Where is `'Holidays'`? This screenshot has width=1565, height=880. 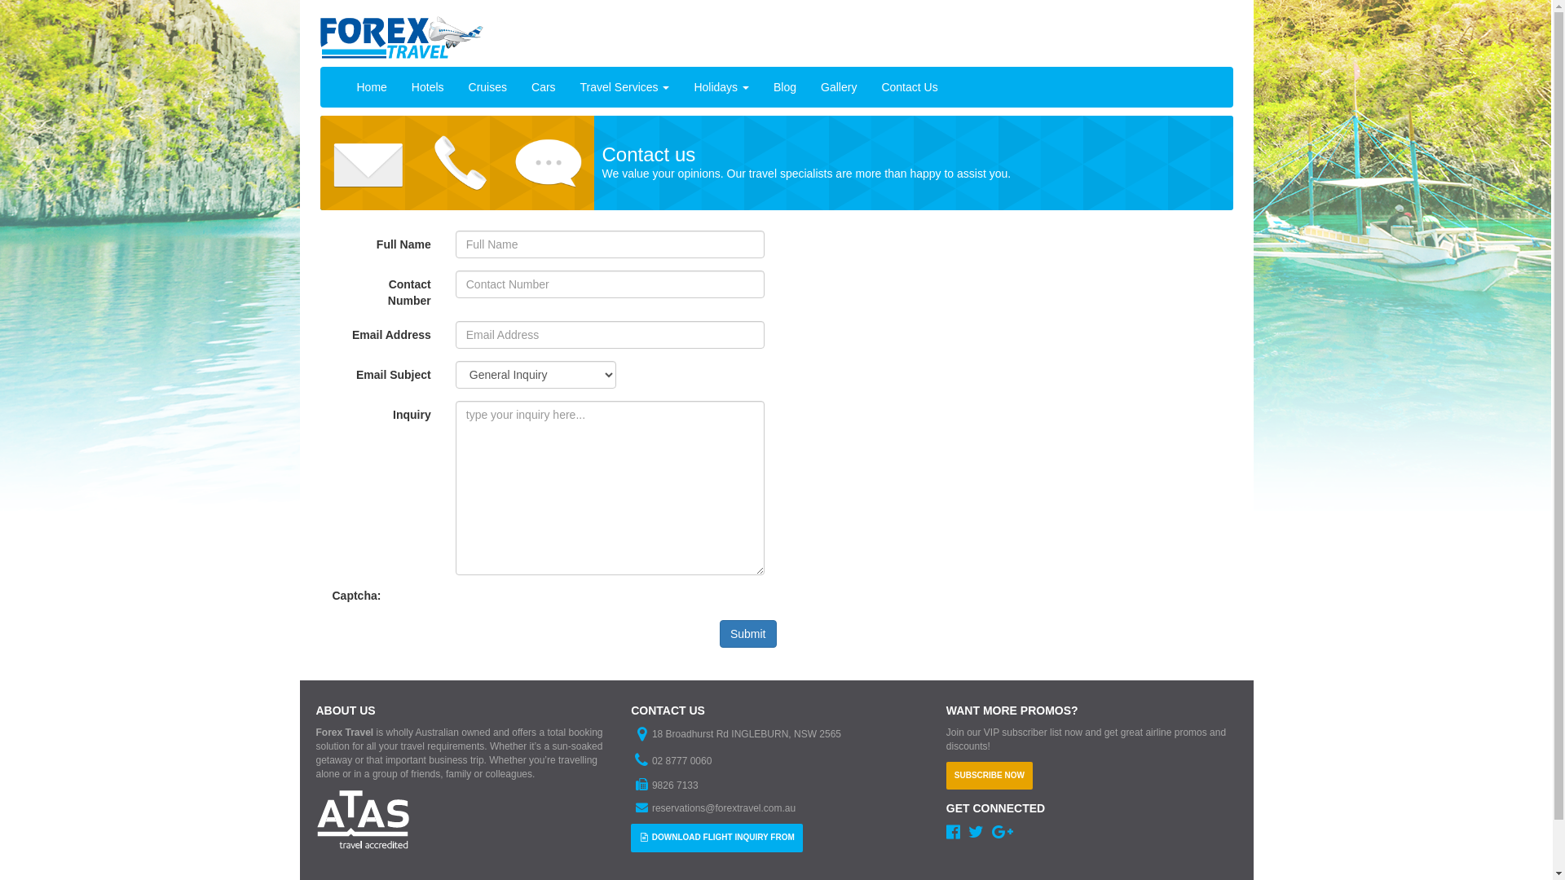
'Holidays' is located at coordinates (720, 87).